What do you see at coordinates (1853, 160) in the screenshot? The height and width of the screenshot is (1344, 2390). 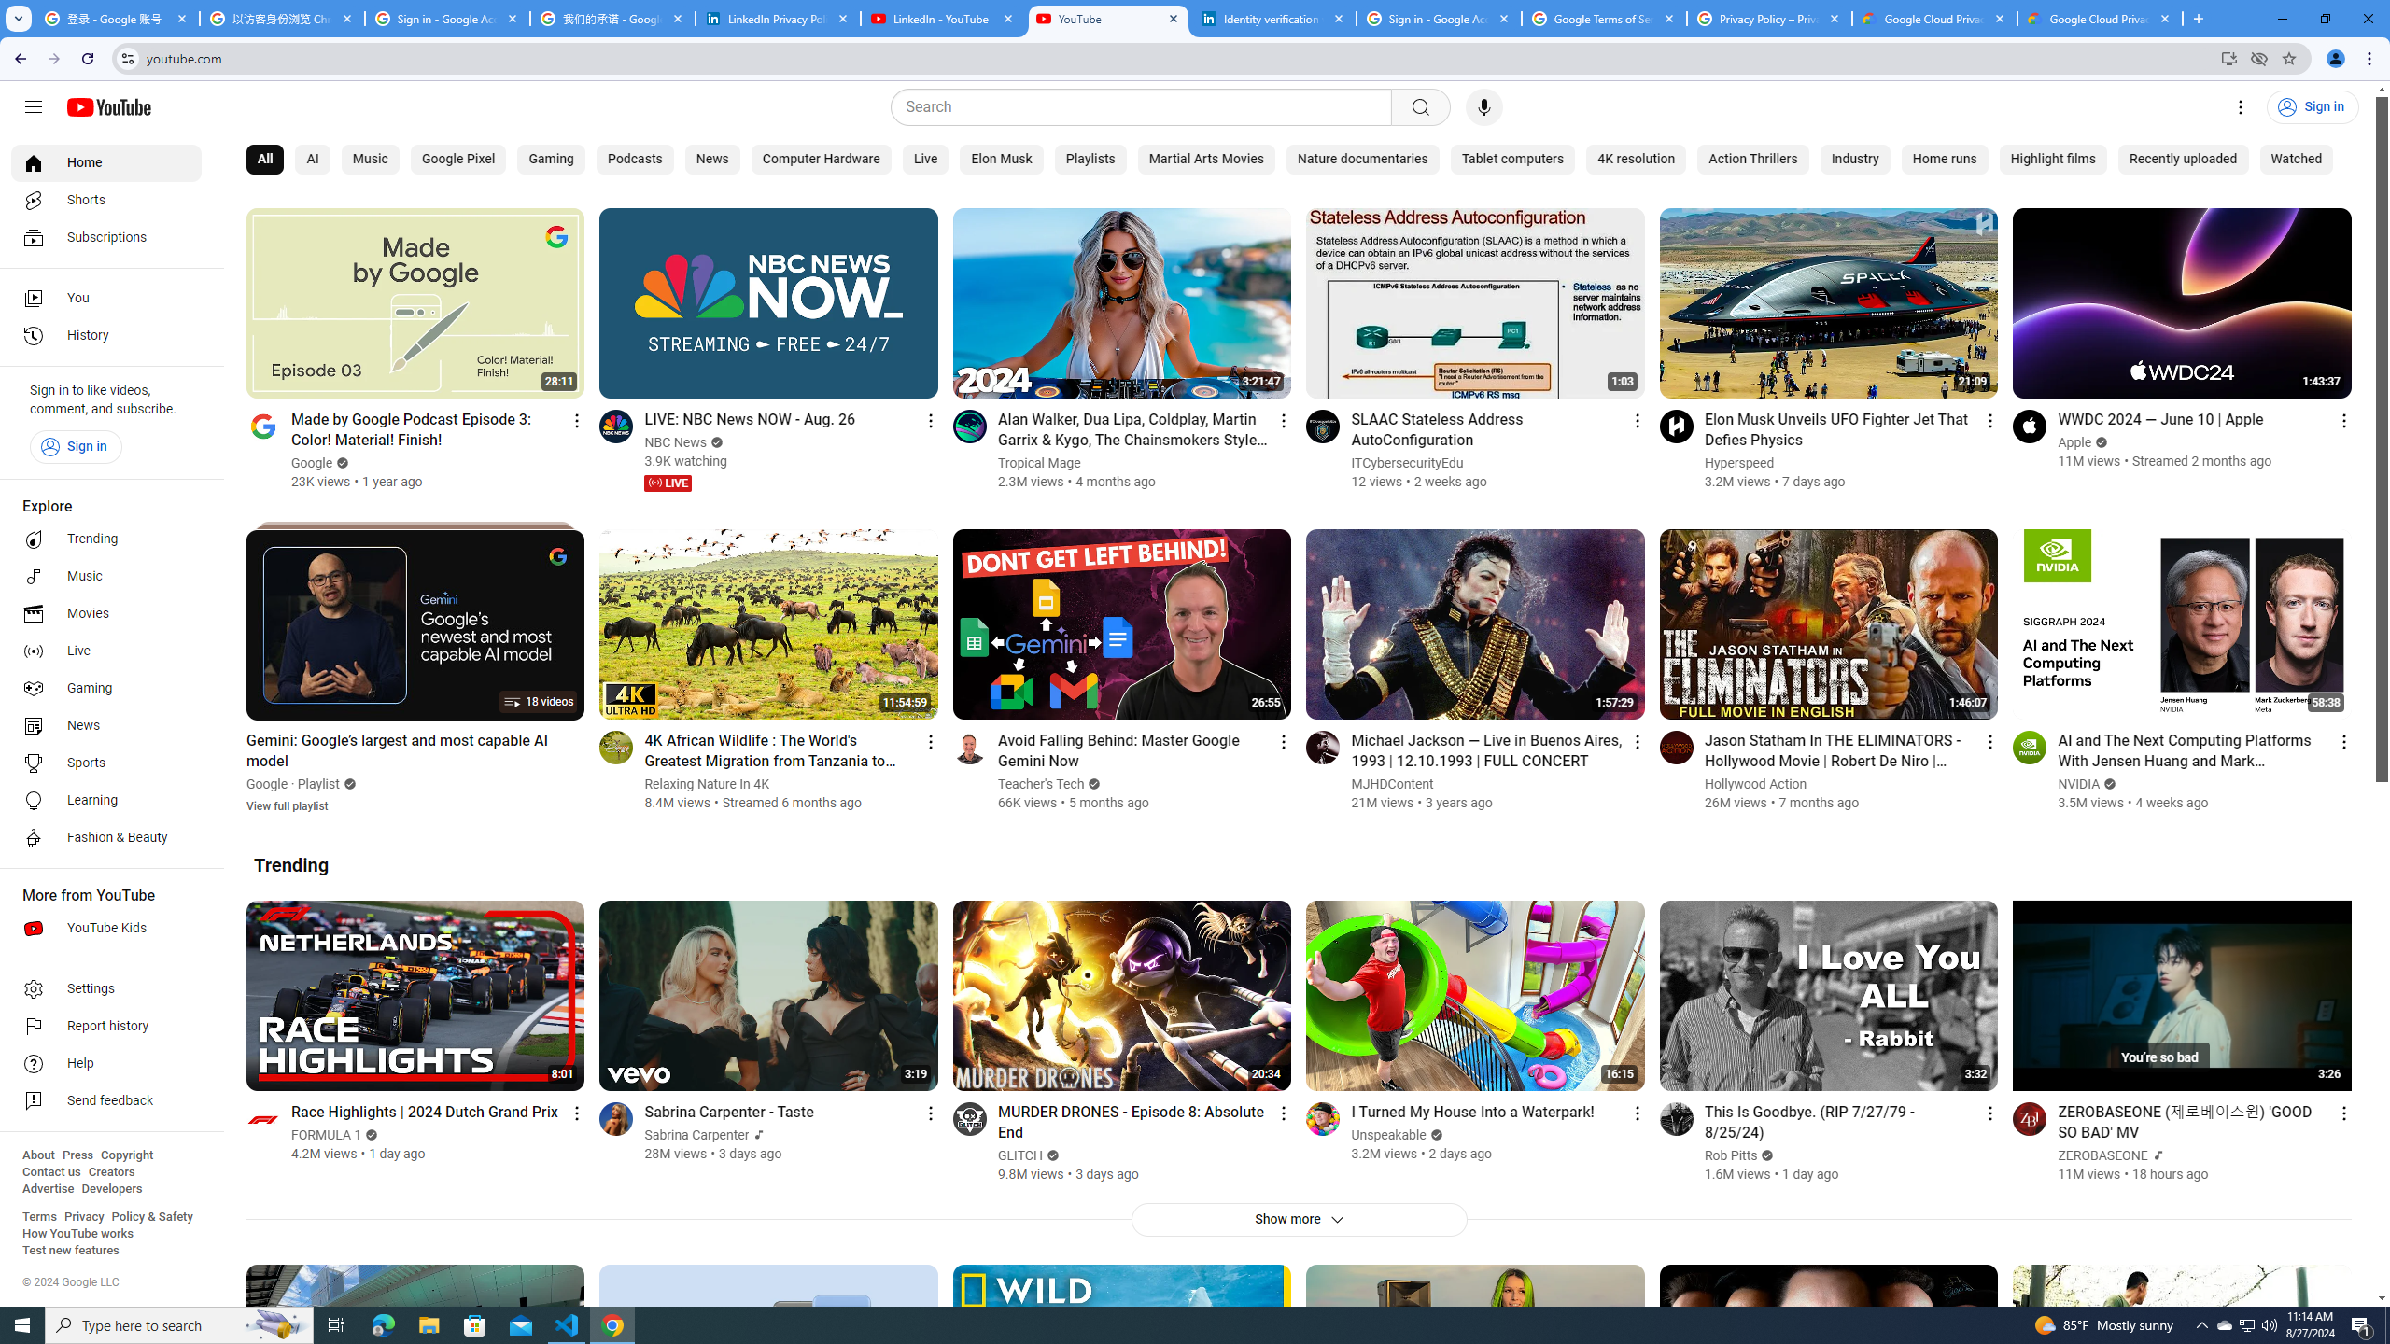 I see `'Industry'` at bounding box center [1853, 160].